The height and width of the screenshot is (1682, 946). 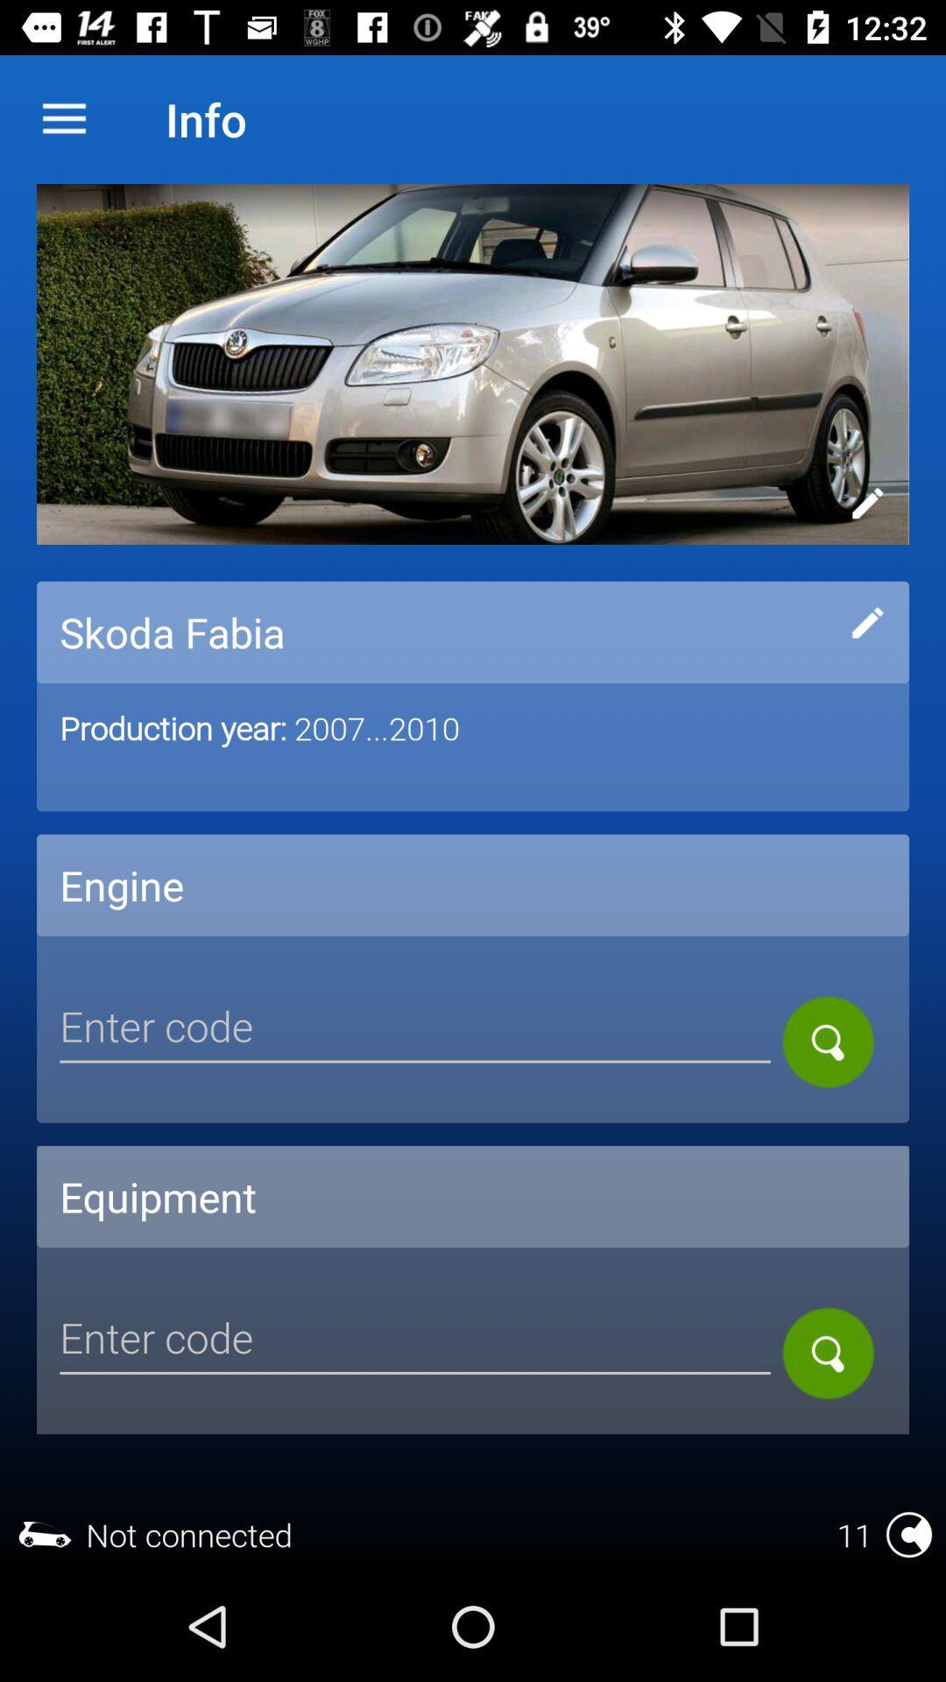 I want to click on search in the option, so click(x=828, y=1042).